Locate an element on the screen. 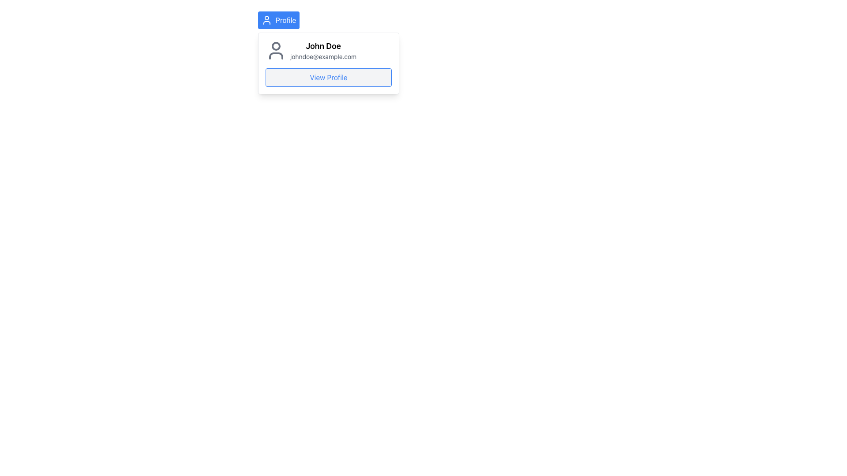 This screenshot has width=847, height=476. the 'Profile' button with a blue background and white text is located at coordinates (278, 20).